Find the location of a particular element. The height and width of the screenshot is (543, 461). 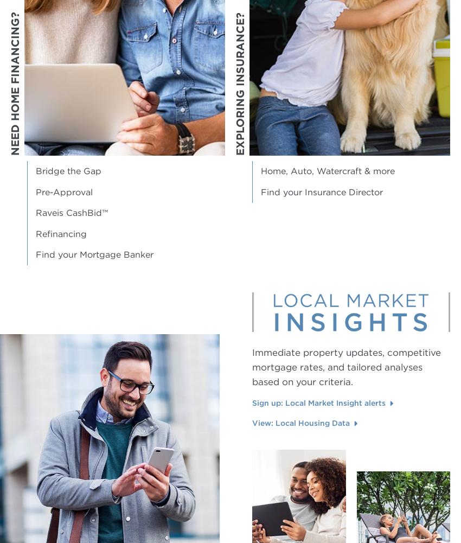

'Home, Auto, Watercraft & more' is located at coordinates (261, 171).